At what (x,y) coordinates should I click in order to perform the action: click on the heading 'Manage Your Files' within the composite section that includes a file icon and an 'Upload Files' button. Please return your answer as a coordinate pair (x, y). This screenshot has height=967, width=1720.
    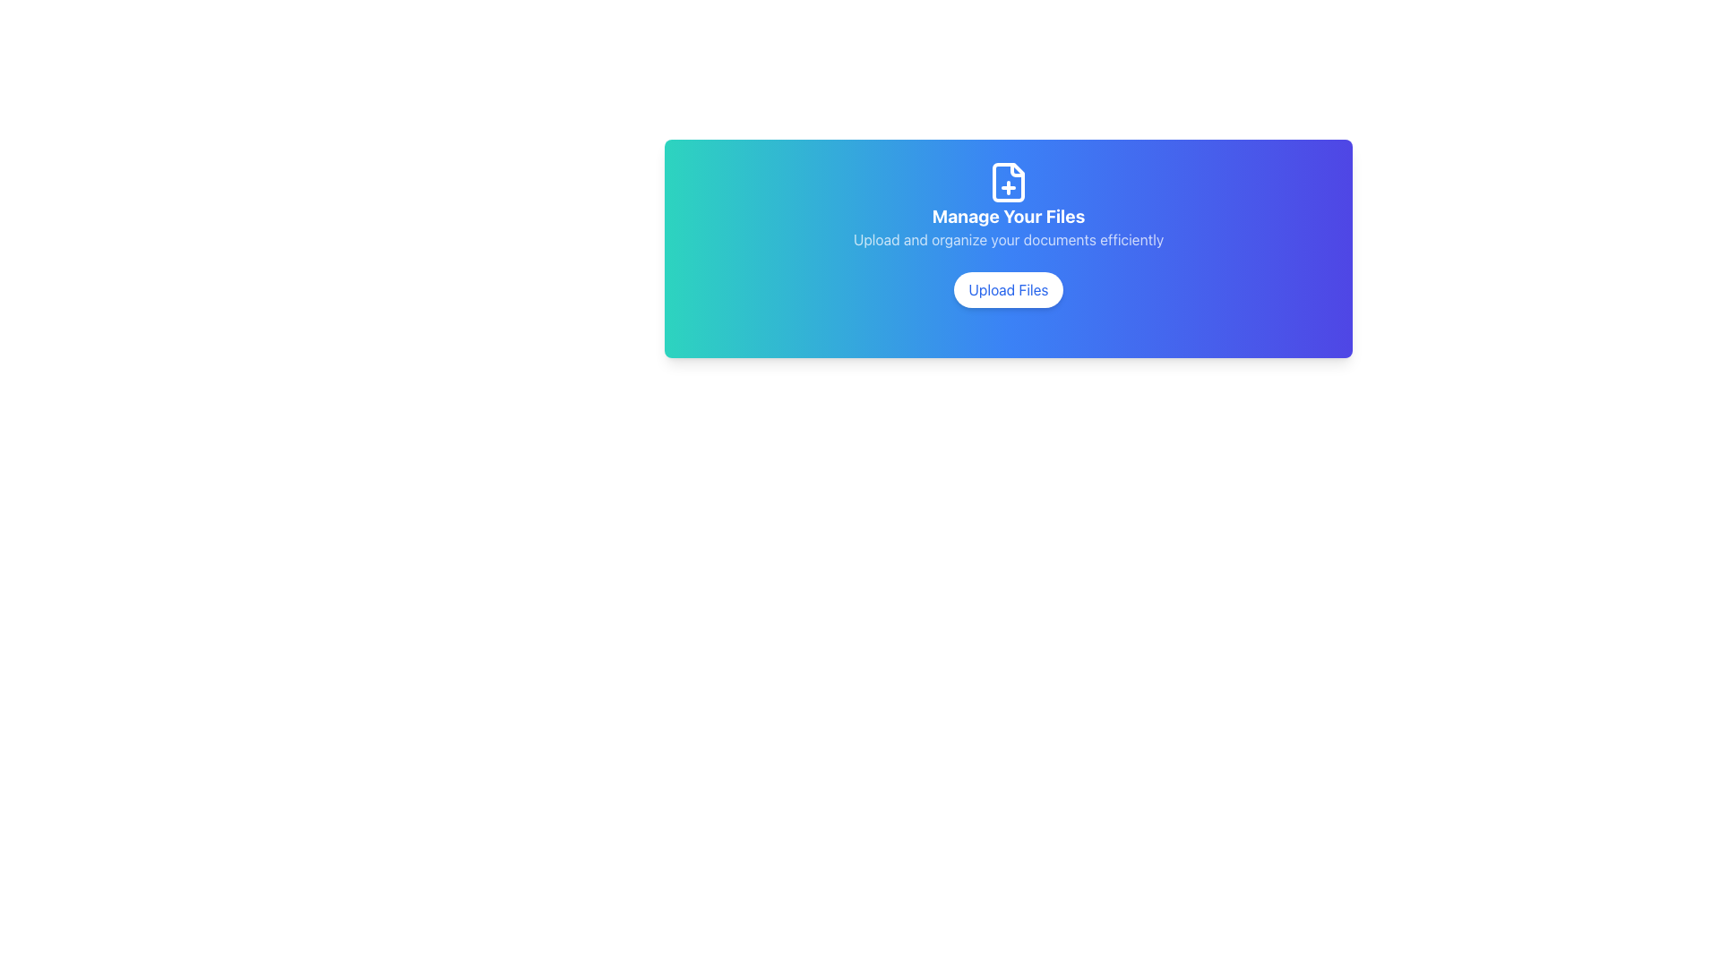
    Looking at the image, I should click on (1009, 248).